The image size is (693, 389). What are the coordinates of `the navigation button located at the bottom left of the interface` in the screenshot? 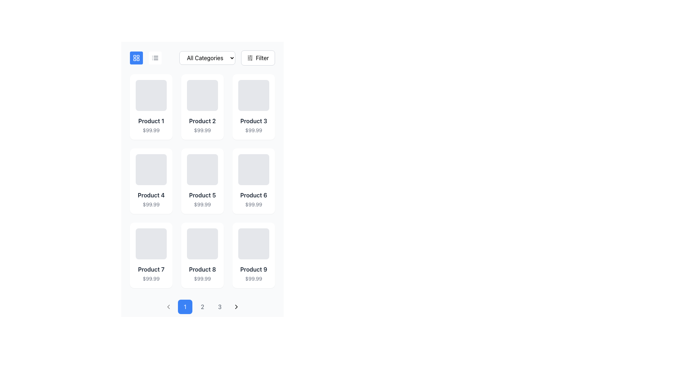 It's located at (168, 307).